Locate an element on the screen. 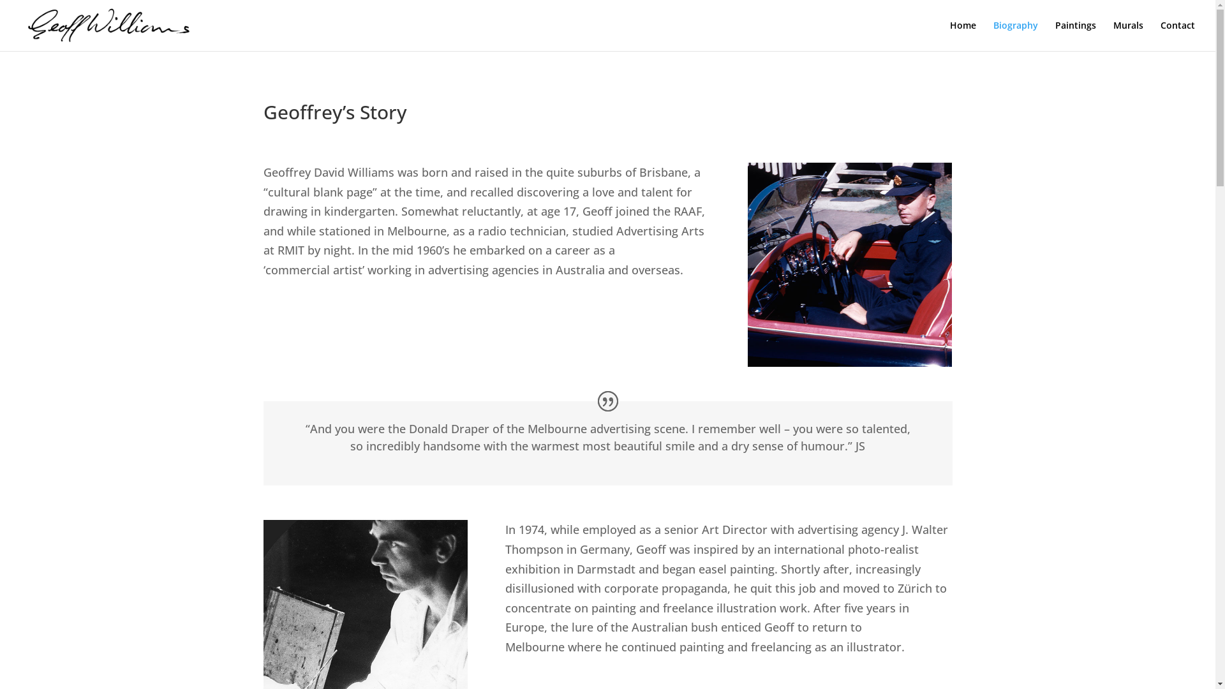  'Contact' is located at coordinates (1161, 35).